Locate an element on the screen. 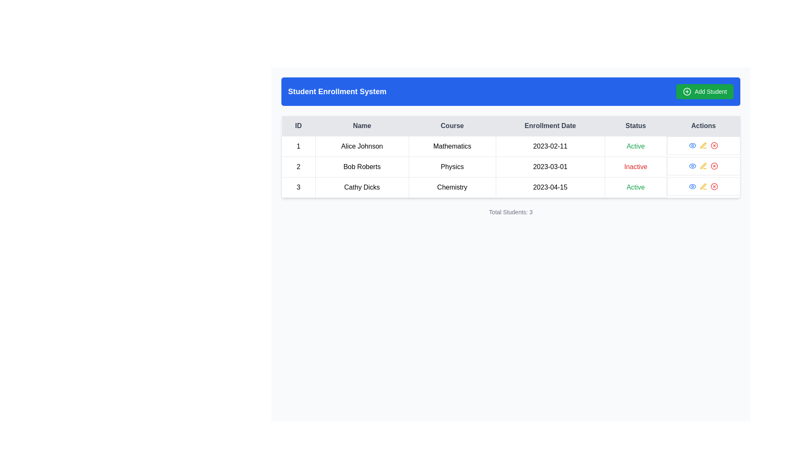 The width and height of the screenshot is (804, 452). the green rounded rectangle button labeled 'Add Student' with a plus sign icon located at the top-right corner of the 'Student Enrollment System' header is located at coordinates (704, 92).